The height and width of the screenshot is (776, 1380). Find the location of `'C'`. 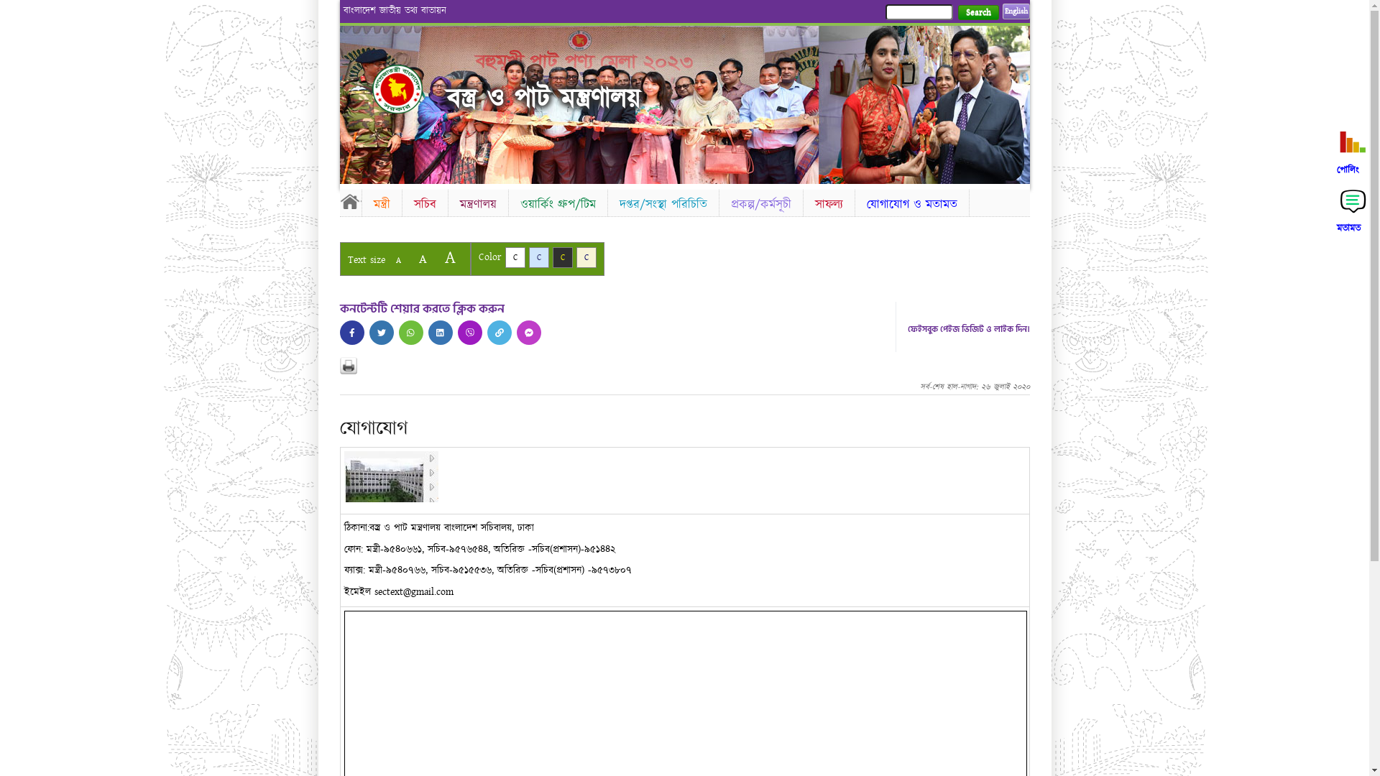

'C' is located at coordinates (586, 257).